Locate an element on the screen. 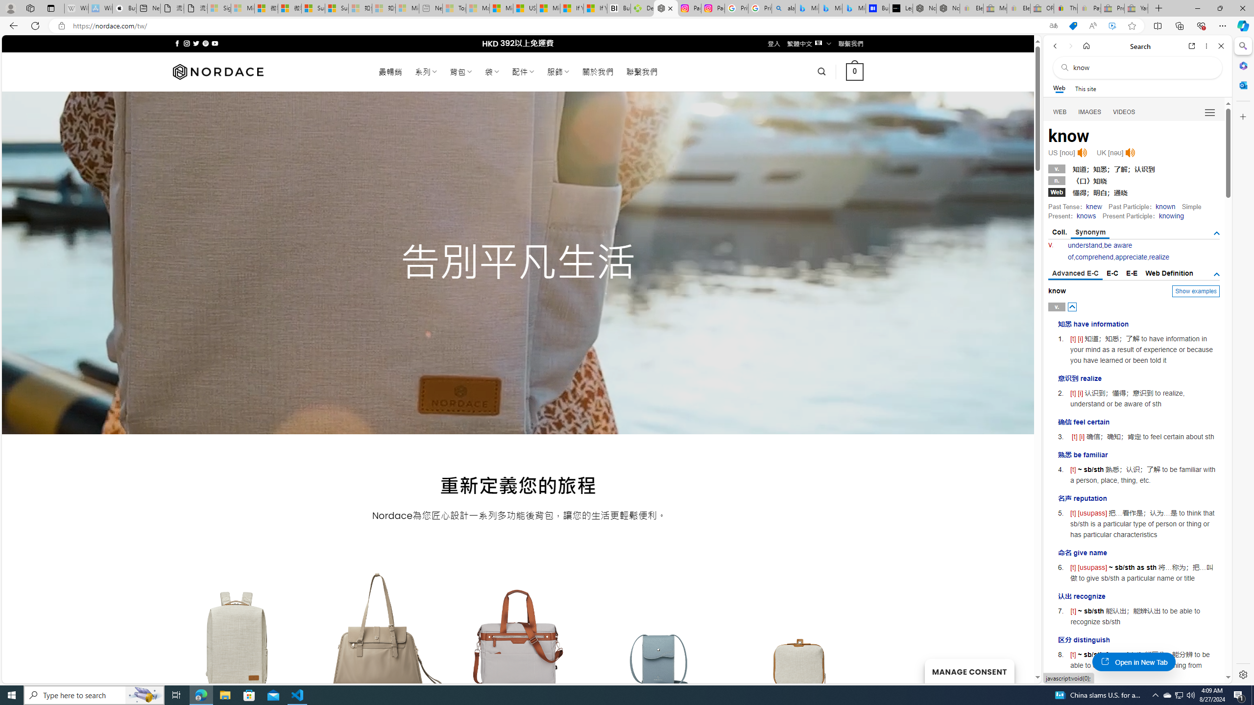  'Coll.' is located at coordinates (1059, 232).